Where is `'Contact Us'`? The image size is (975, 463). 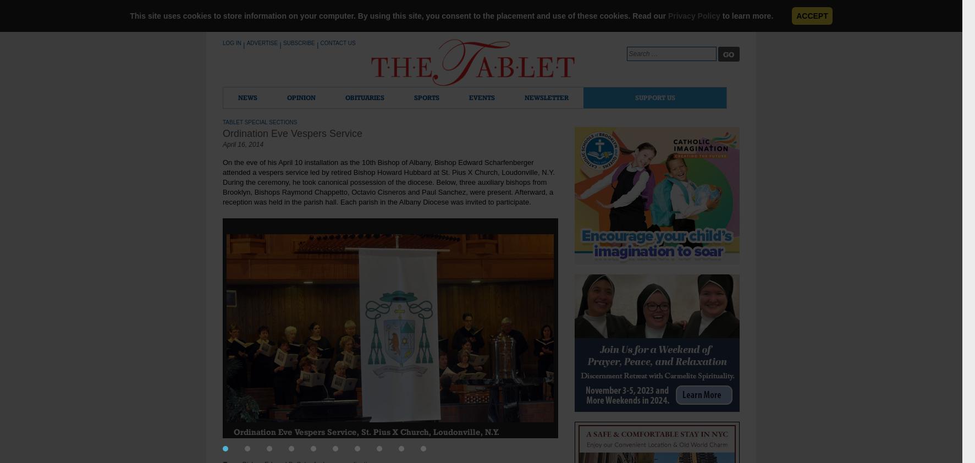
'Contact Us' is located at coordinates (337, 42).